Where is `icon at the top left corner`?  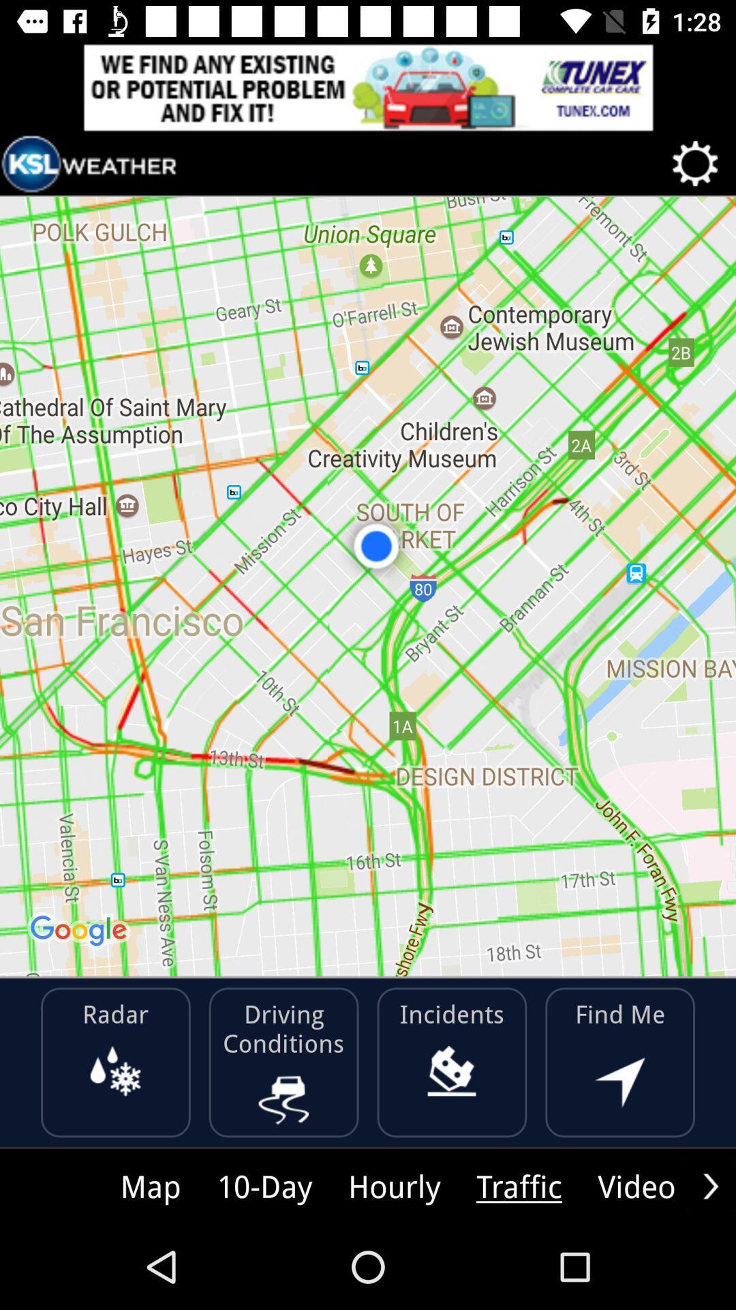 icon at the top left corner is located at coordinates (89, 164).